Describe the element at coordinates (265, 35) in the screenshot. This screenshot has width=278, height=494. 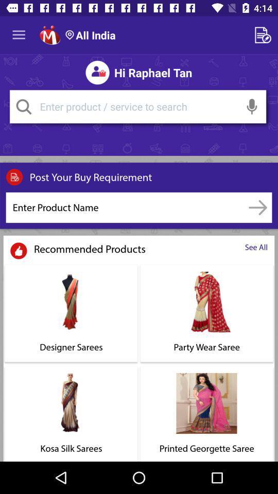
I see `contact form` at that location.